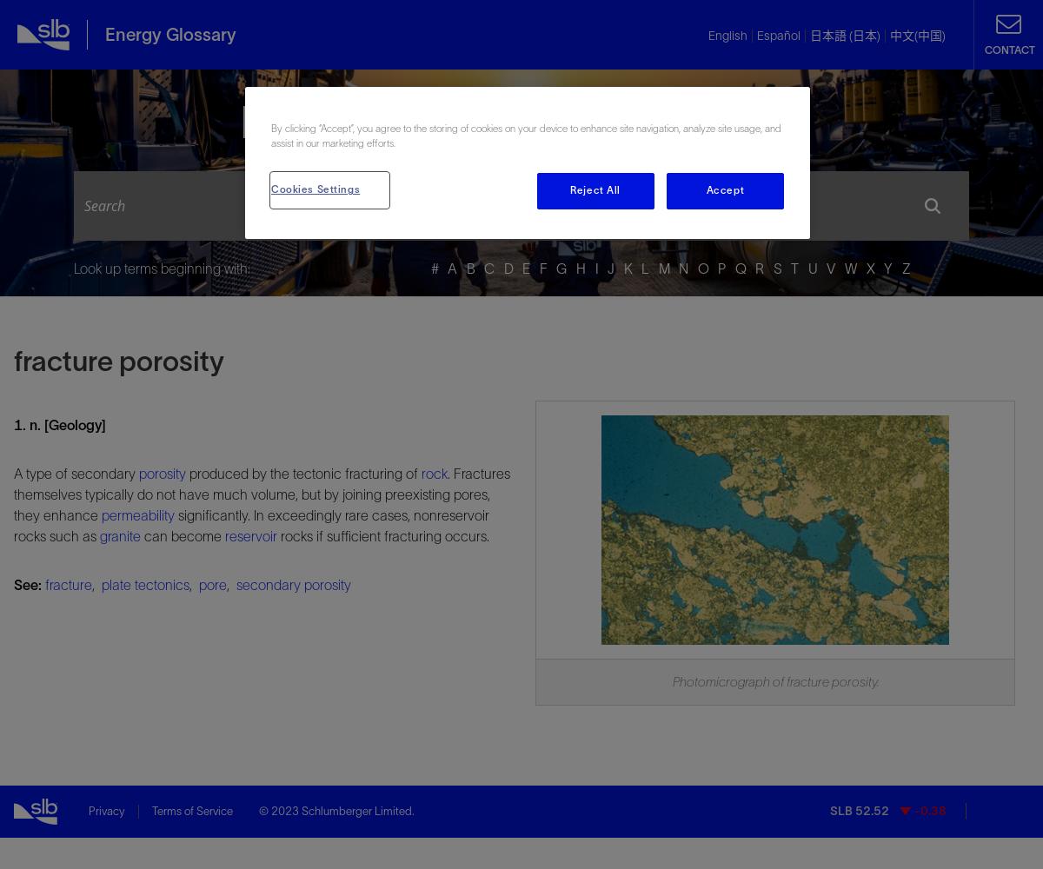 This screenshot has height=869, width=1043. What do you see at coordinates (905, 269) in the screenshot?
I see `'z'` at bounding box center [905, 269].